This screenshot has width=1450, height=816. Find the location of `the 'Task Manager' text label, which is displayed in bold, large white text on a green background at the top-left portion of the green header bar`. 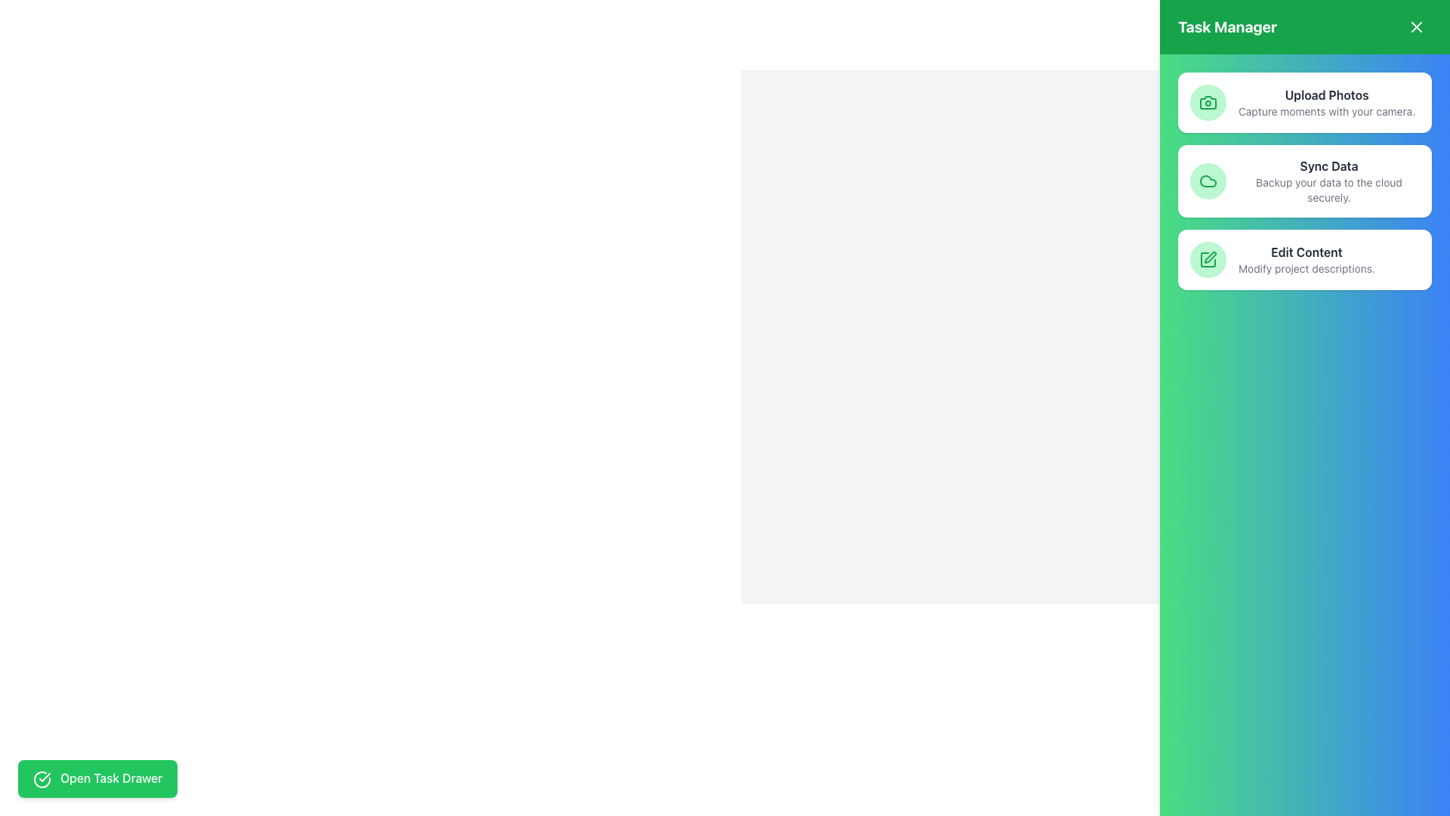

the 'Task Manager' text label, which is displayed in bold, large white text on a green background at the top-left portion of the green header bar is located at coordinates (1227, 26).